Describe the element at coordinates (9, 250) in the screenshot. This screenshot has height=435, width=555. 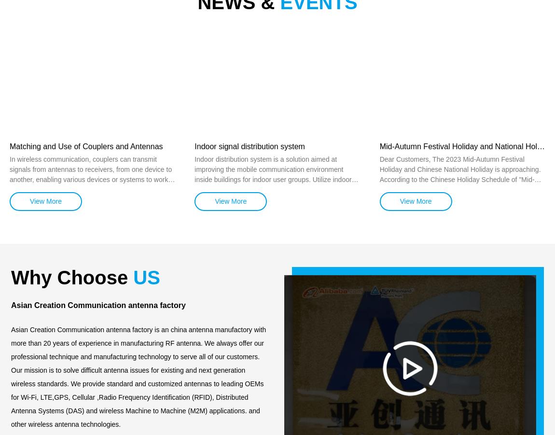
I see `'In wireless communication, couplers can transmit signals from antennas to receivers, from one device to another, enabling various devices or systems to work in coordination with each other, thus achieving wireless communication.

The main function of couplers is to connect and transmit signals or energy, enabling different devices or systems to work in coordination with each other. Couplers have been widely used in many fields, including electronic communication, optics, mechanical engineering, etc., making important contributions to the development of modern technology and engineering.

Asian Creation Communication Antenna Factory in producing various types of the Antenna and the passive component Couplers. It can be widely used in various types electronic communication, optical, mechanical engineering and other solutions.Welcome to contact with us if any interesting: +86-757-87668779 or 13925901402(WeChat and WhatsApp sync)'` at that location.